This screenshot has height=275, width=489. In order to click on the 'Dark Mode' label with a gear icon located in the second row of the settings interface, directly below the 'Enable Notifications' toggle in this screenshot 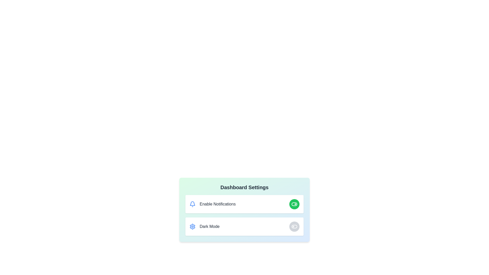, I will do `click(205, 226)`.